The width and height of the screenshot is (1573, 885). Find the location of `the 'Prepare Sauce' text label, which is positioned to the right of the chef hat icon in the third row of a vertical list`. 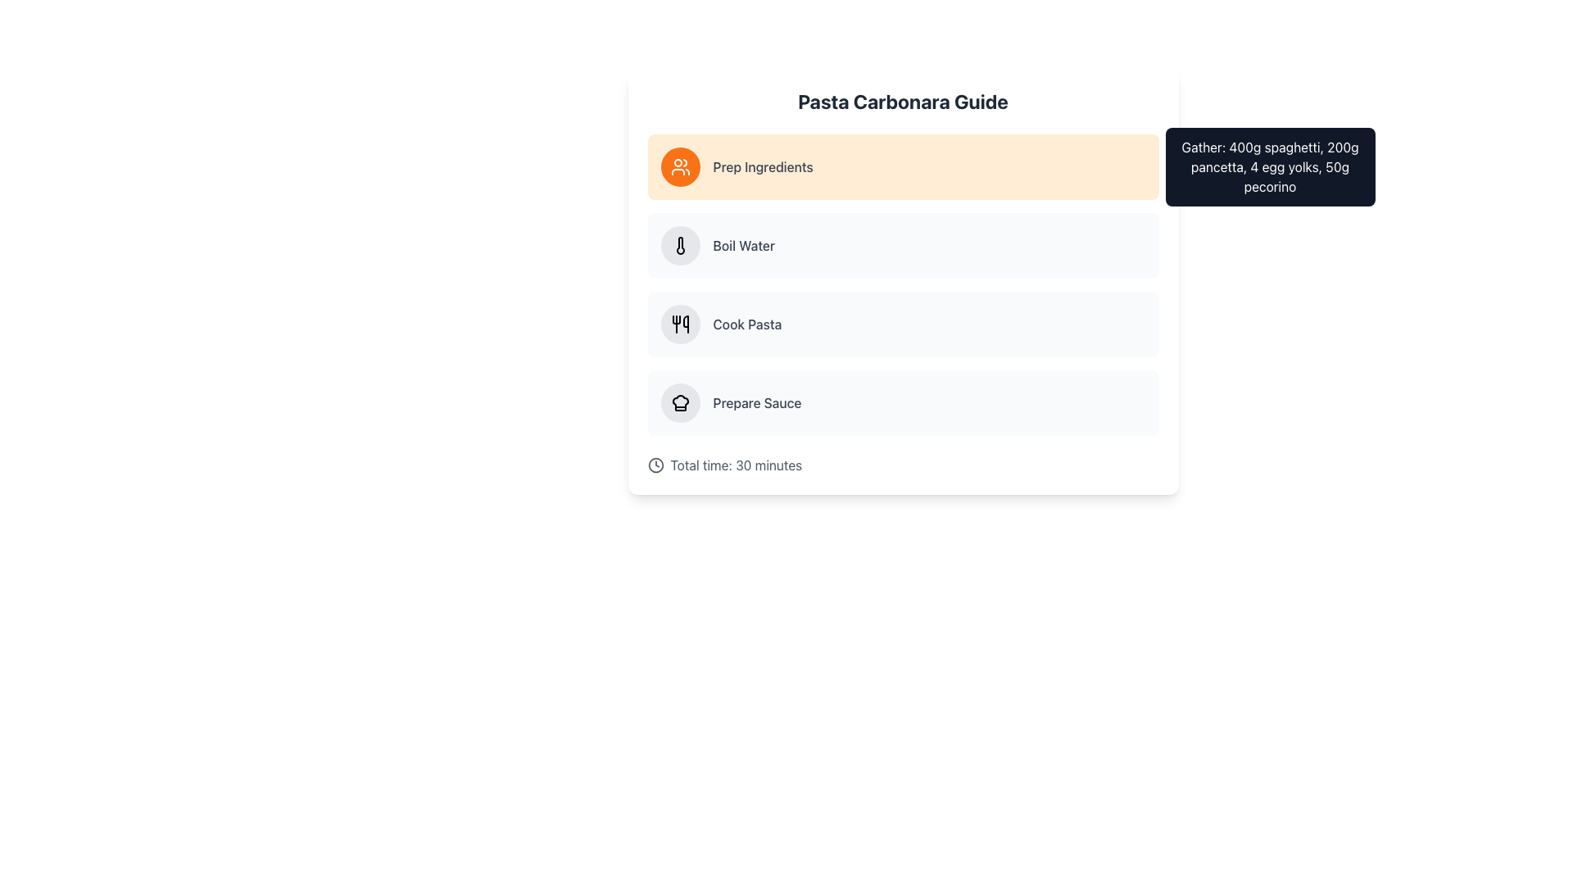

the 'Prepare Sauce' text label, which is positioned to the right of the chef hat icon in the third row of a vertical list is located at coordinates (756, 403).